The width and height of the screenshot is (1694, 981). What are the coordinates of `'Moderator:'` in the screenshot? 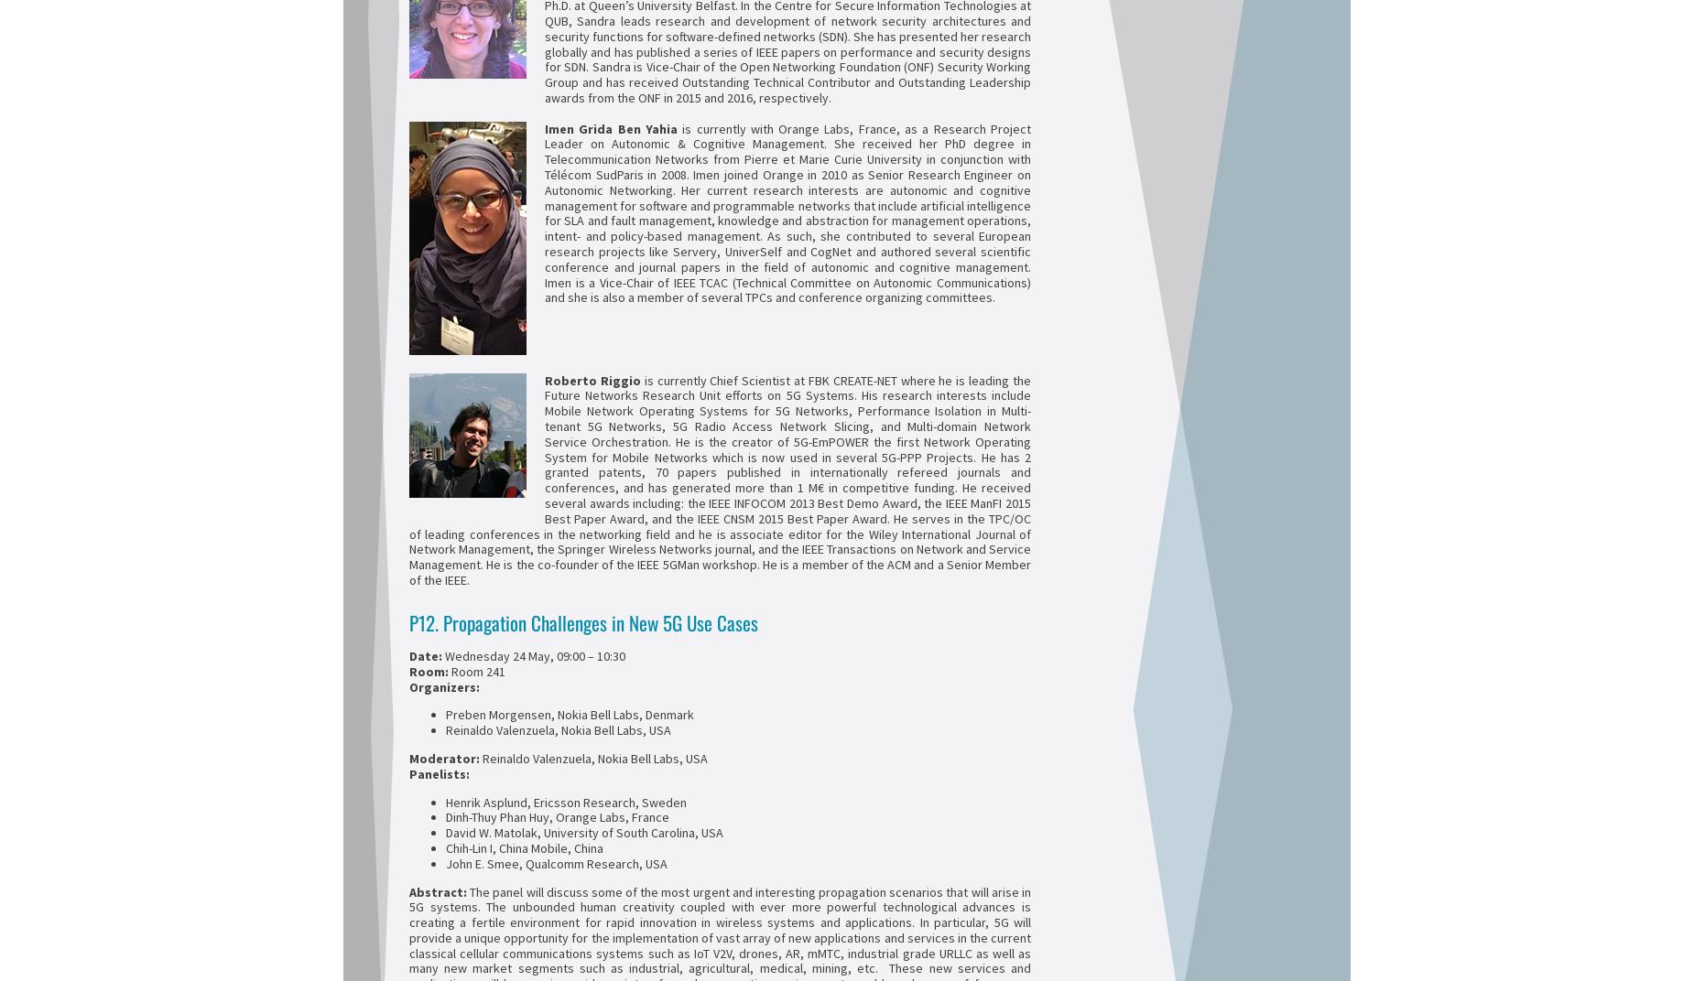 It's located at (445, 757).